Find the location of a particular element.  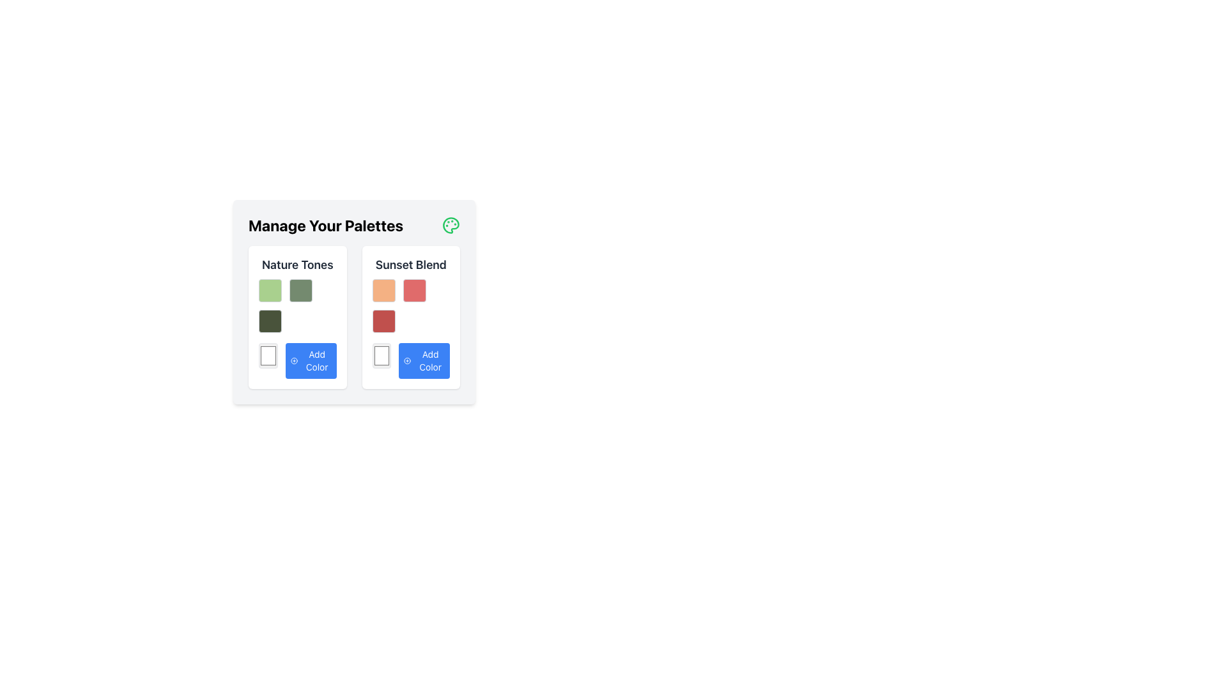

the text 'Manage Your Palettes' is located at coordinates (326, 225).